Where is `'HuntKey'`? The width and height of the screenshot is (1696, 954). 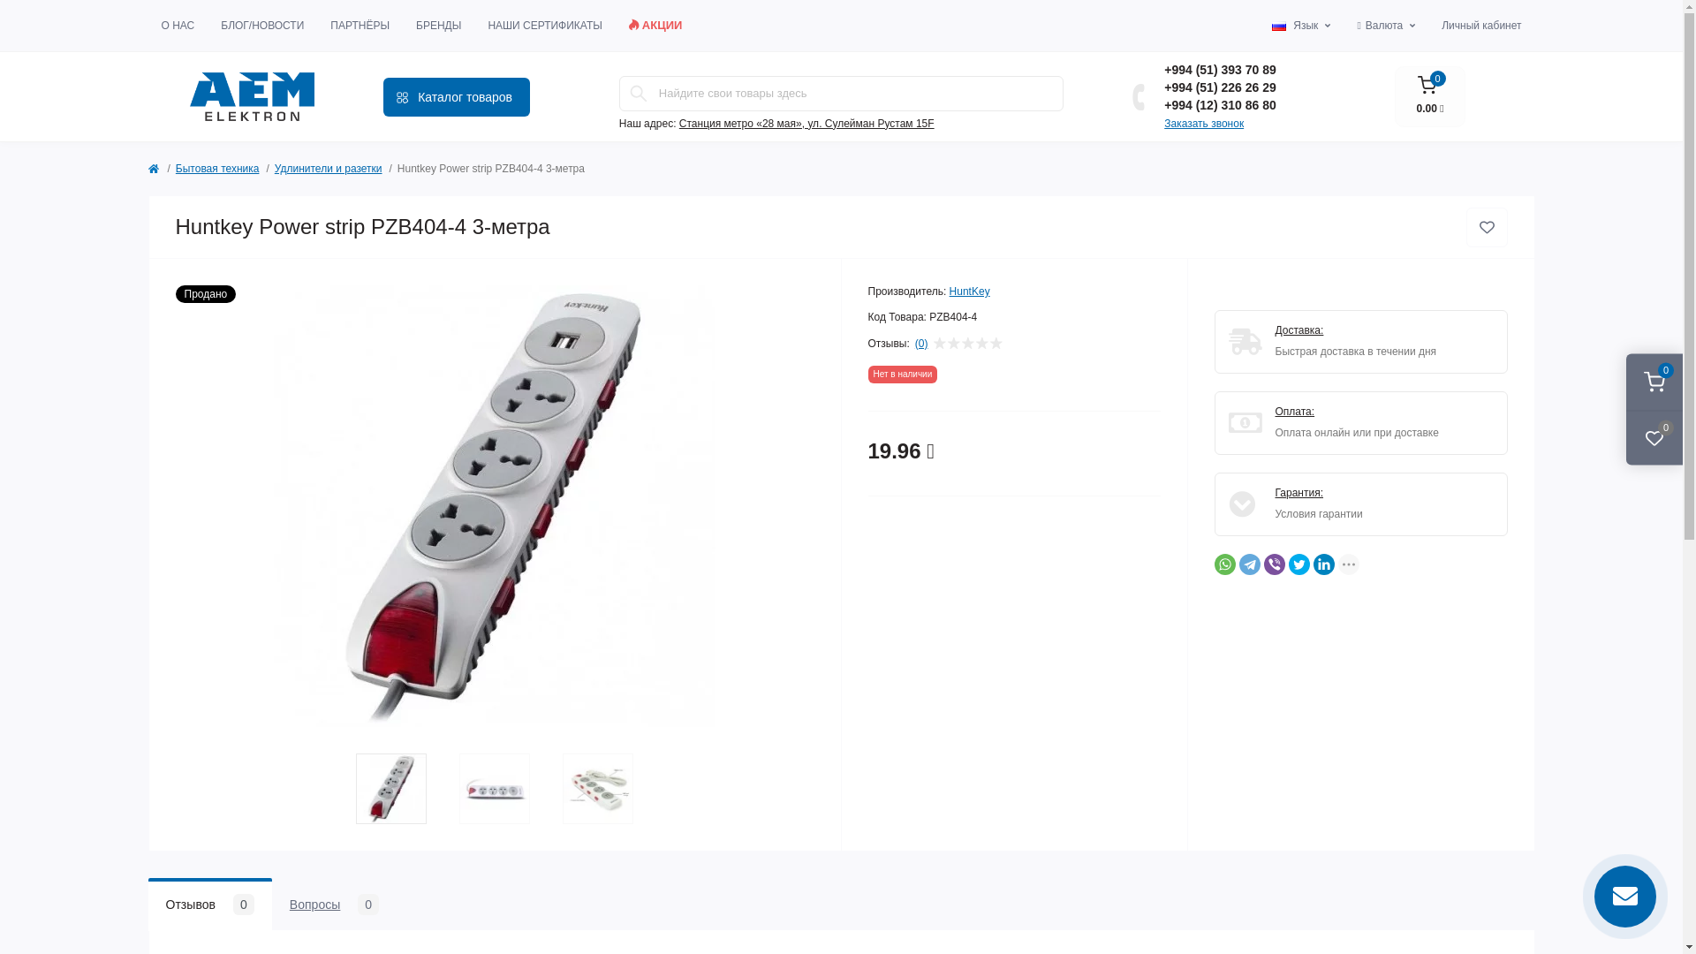
'HuntKey' is located at coordinates (969, 291).